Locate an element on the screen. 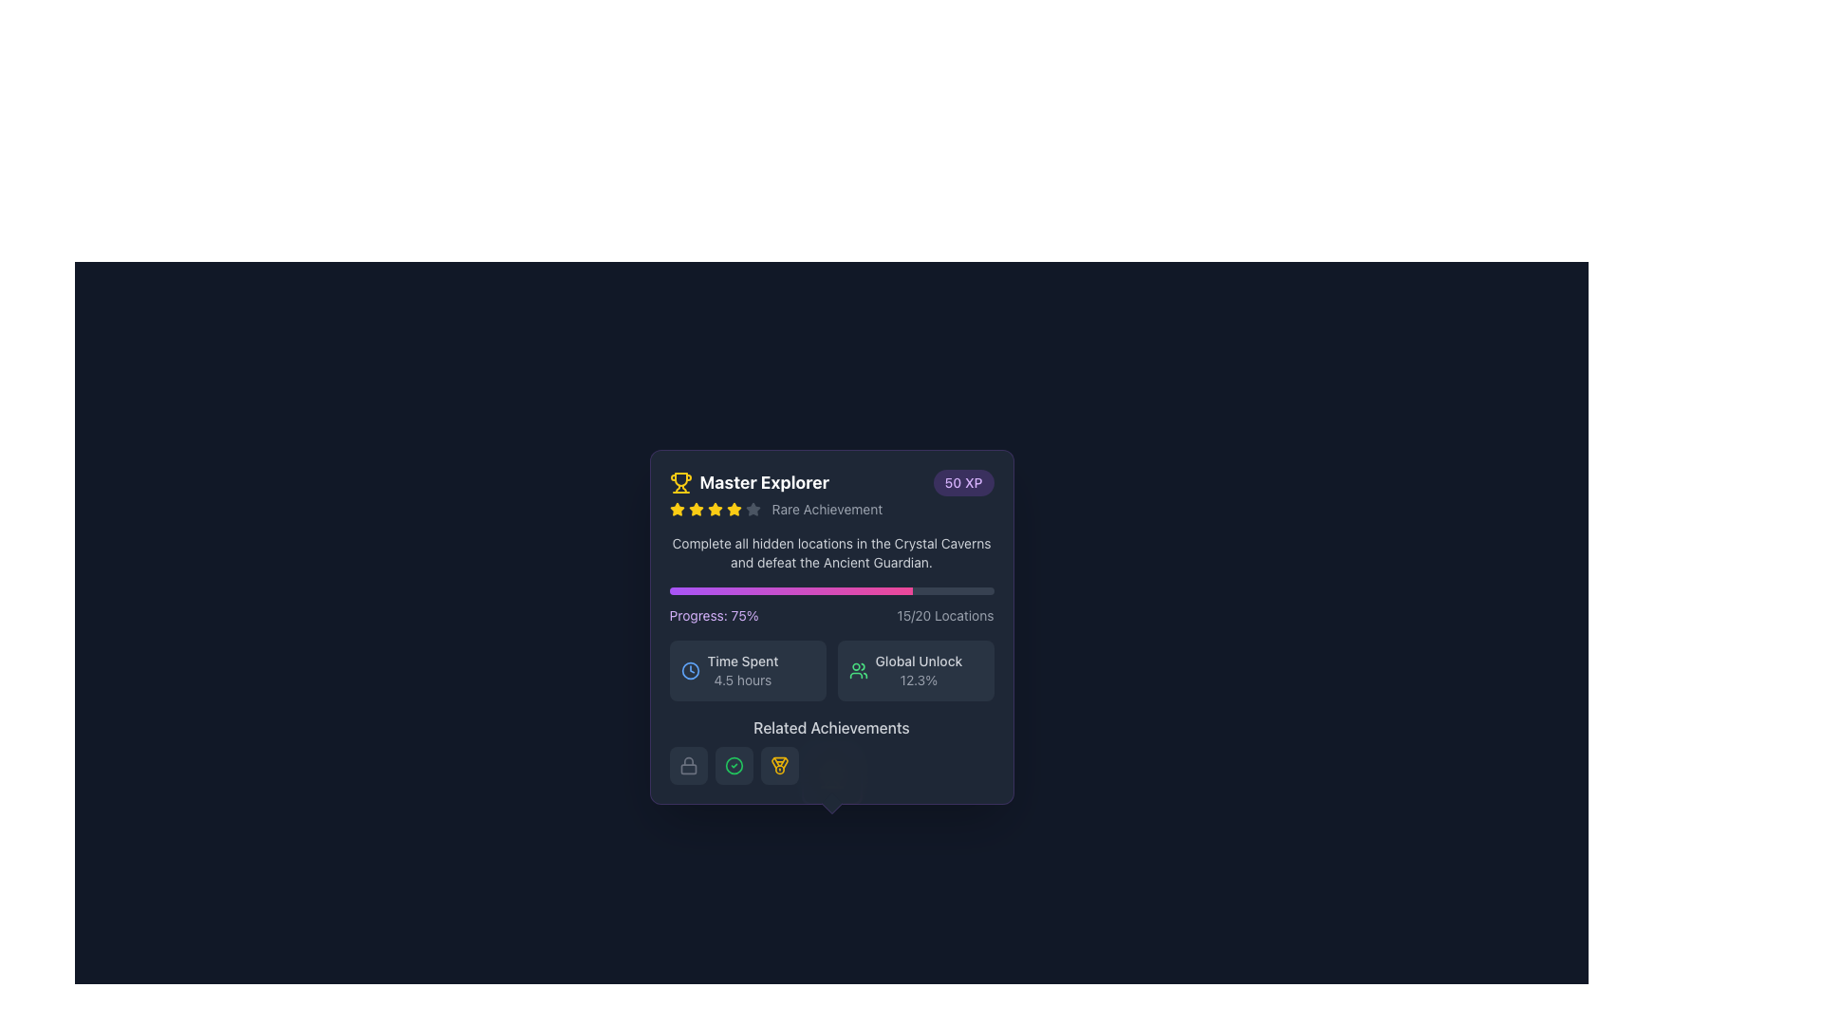 This screenshot has width=1822, height=1025. informational content of the text element that describes the achievement task 'Master Explorer', located beneath the title within the popup modal is located at coordinates (831, 552).